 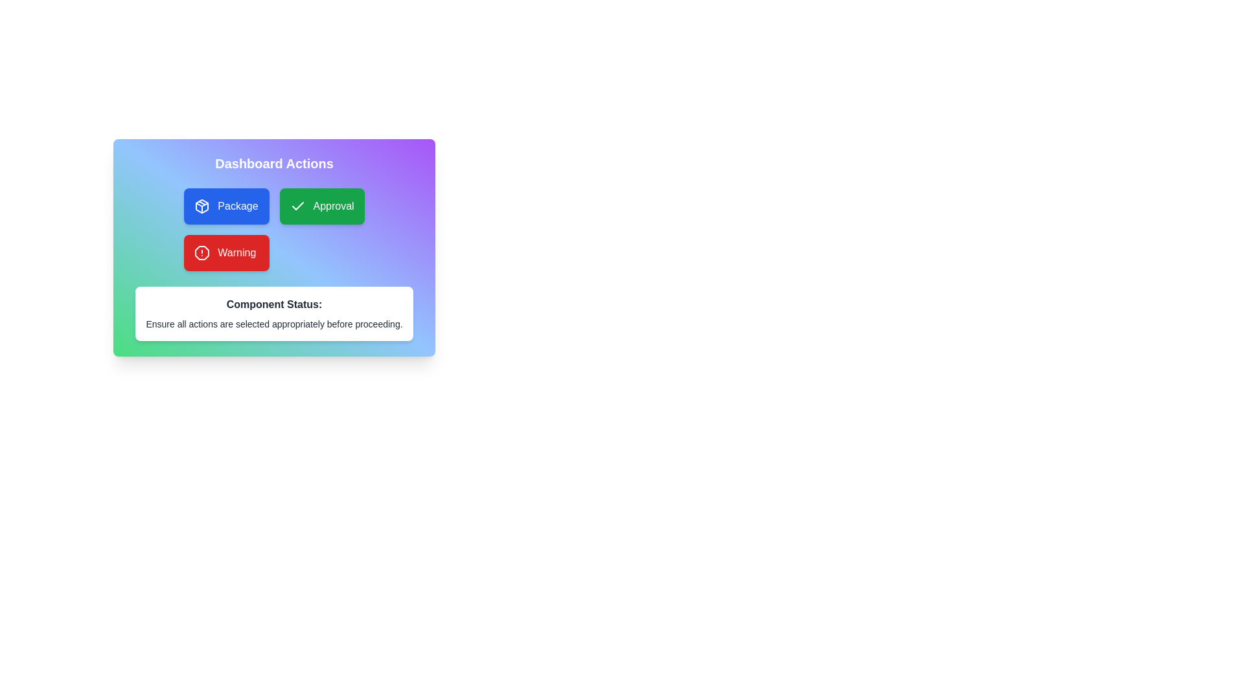 I want to click on the SVG icon of the package located within the blue 'Package' button, so click(x=202, y=206).